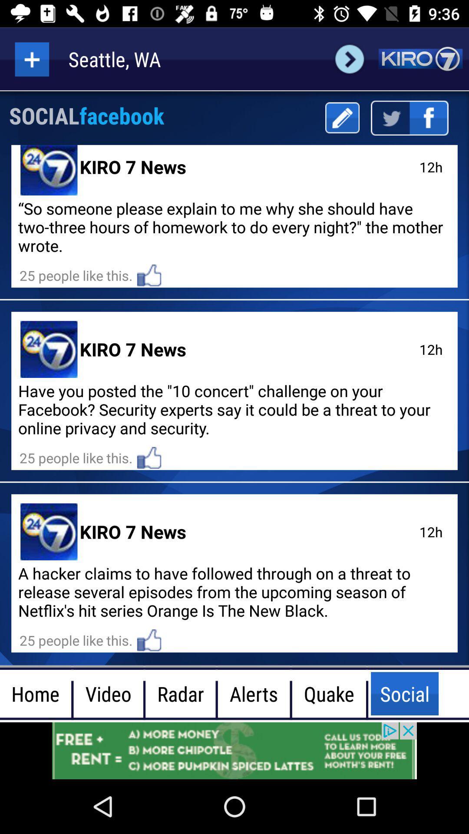  What do you see at coordinates (342, 117) in the screenshot?
I see `edit option` at bounding box center [342, 117].